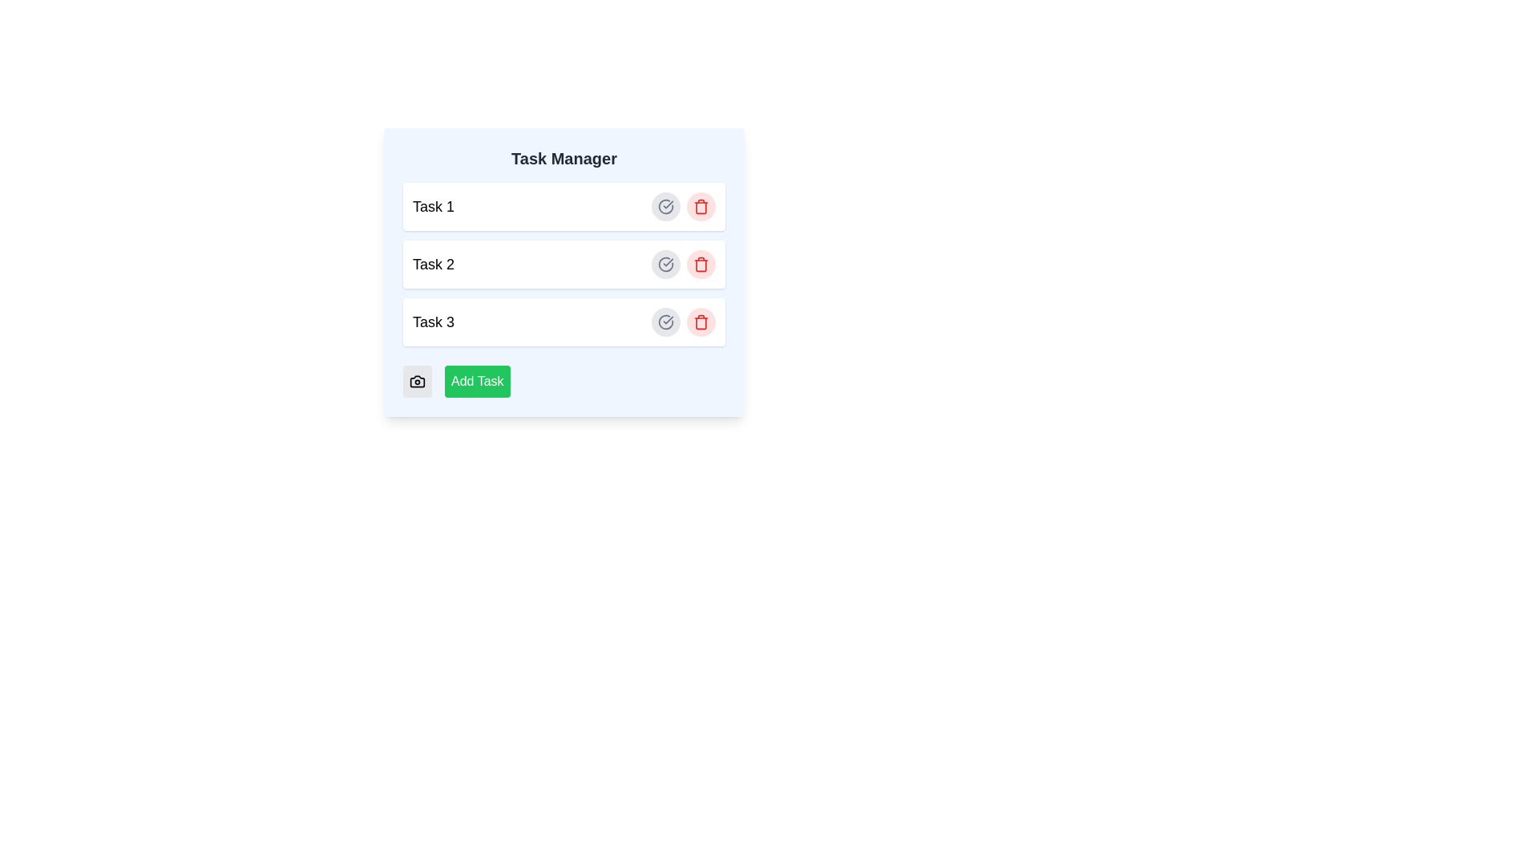 Image resolution: width=1539 pixels, height=866 pixels. Describe the element at coordinates (564, 271) in the screenshot. I see `the second task entry labeled 'Task 2' in the Task Manager panel` at that location.